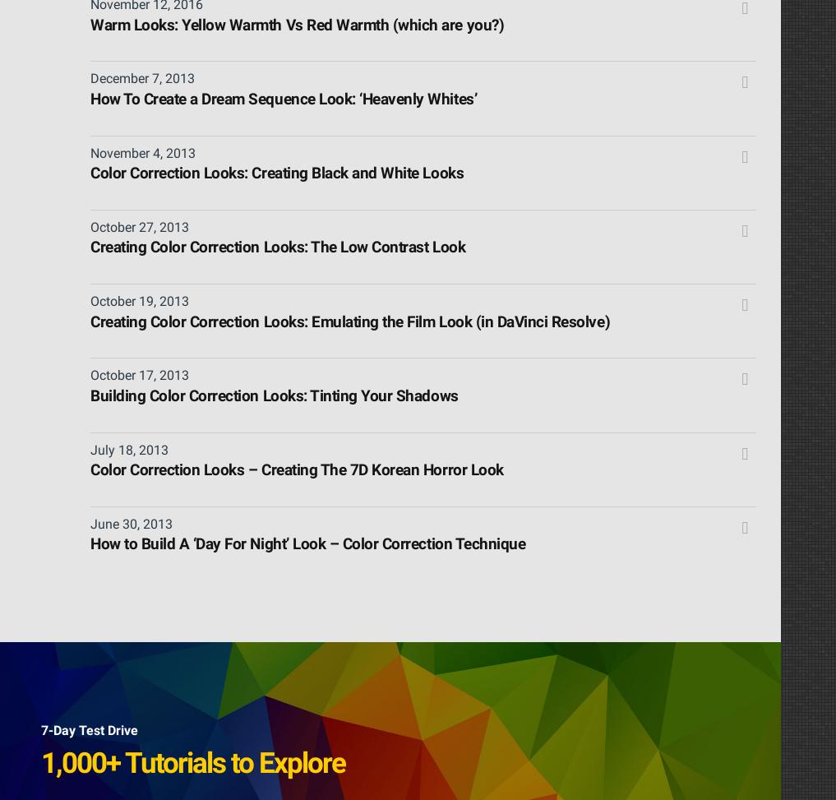 The height and width of the screenshot is (800, 836). I want to click on 'June 30, 2013', so click(130, 522).